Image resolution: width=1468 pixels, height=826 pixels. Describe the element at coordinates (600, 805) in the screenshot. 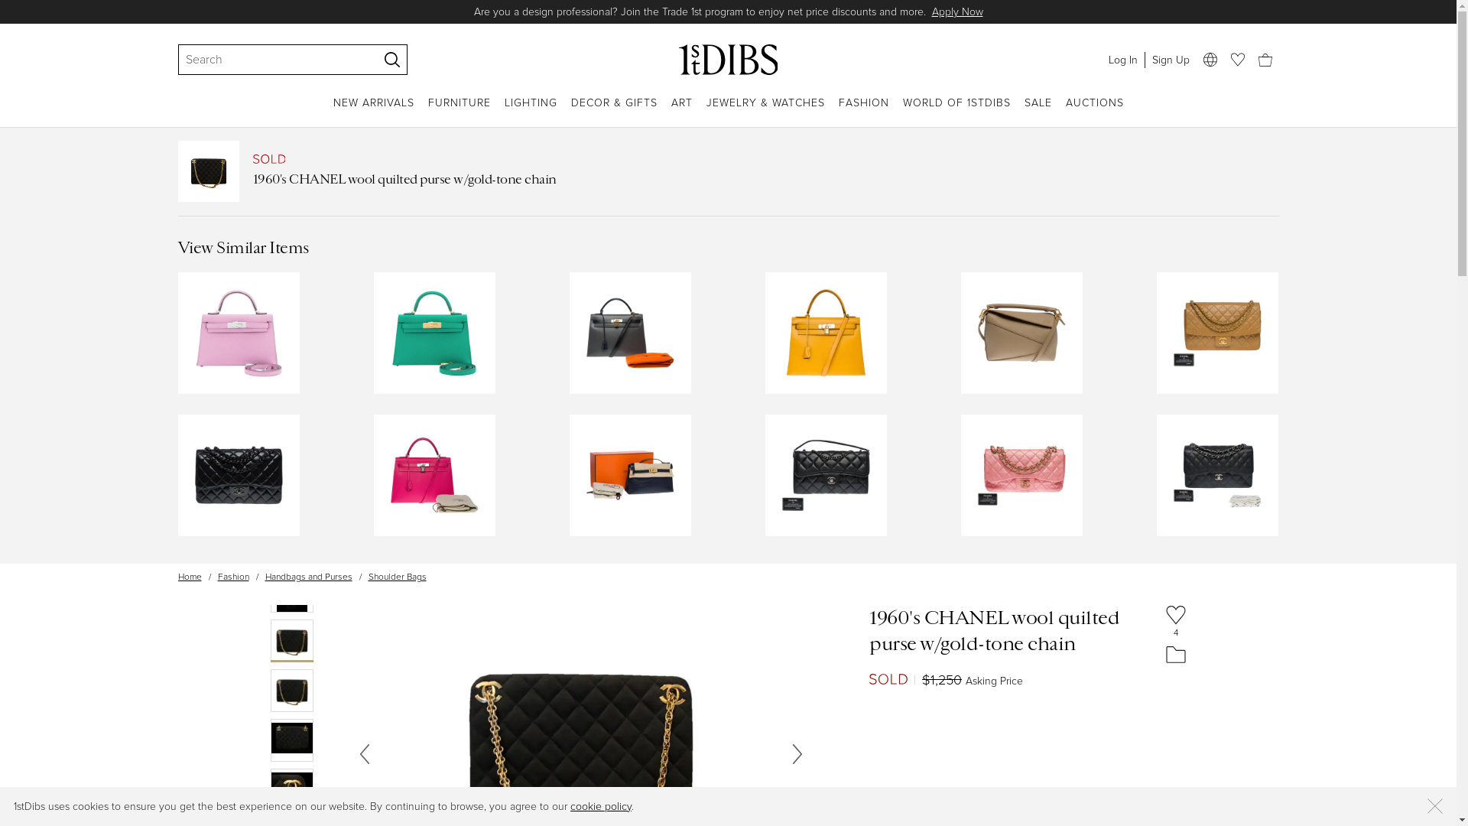

I see `'cookie policy'` at that location.